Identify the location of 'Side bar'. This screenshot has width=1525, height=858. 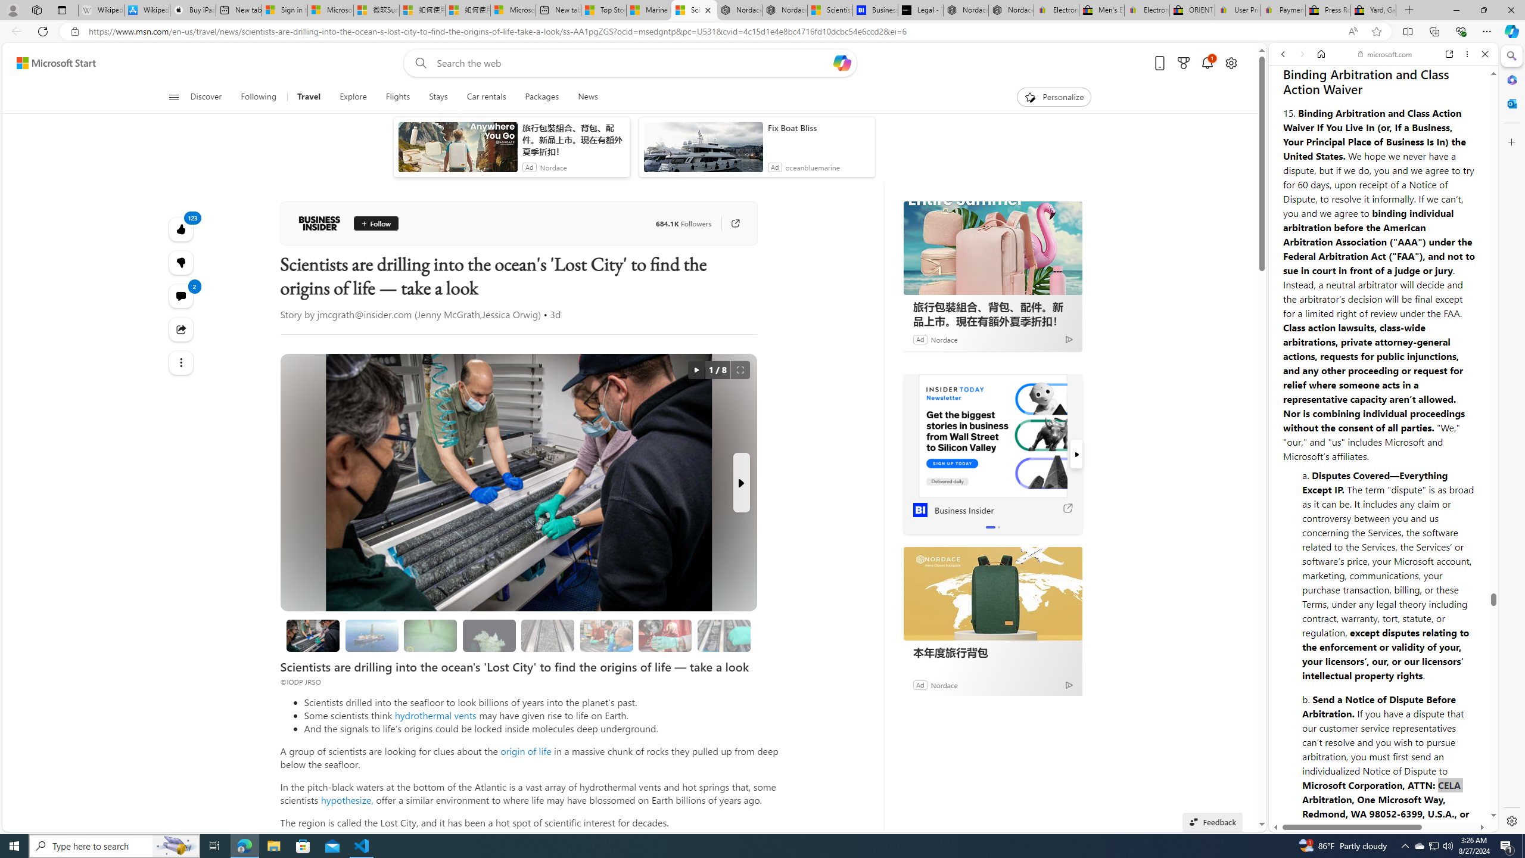
(1511, 438).